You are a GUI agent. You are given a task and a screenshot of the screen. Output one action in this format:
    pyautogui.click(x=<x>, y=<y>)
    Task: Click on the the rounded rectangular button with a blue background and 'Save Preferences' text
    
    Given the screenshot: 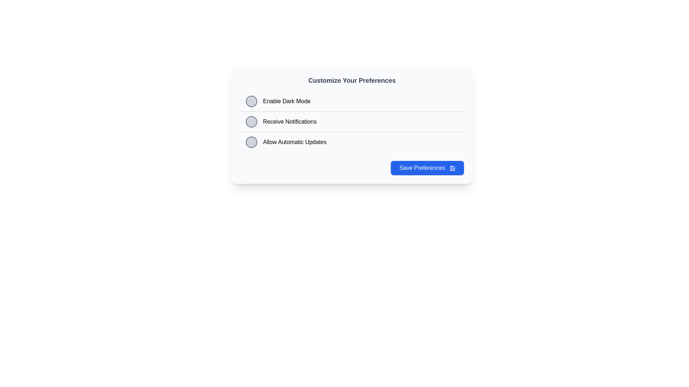 What is the action you would take?
    pyautogui.click(x=427, y=168)
    